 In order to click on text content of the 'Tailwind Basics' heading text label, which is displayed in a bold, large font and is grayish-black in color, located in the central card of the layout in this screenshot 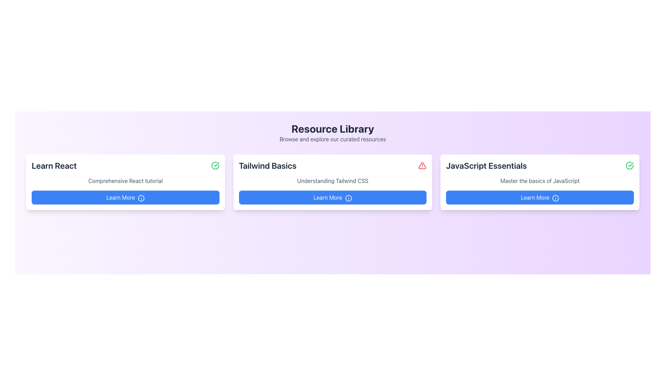, I will do `click(267, 166)`.